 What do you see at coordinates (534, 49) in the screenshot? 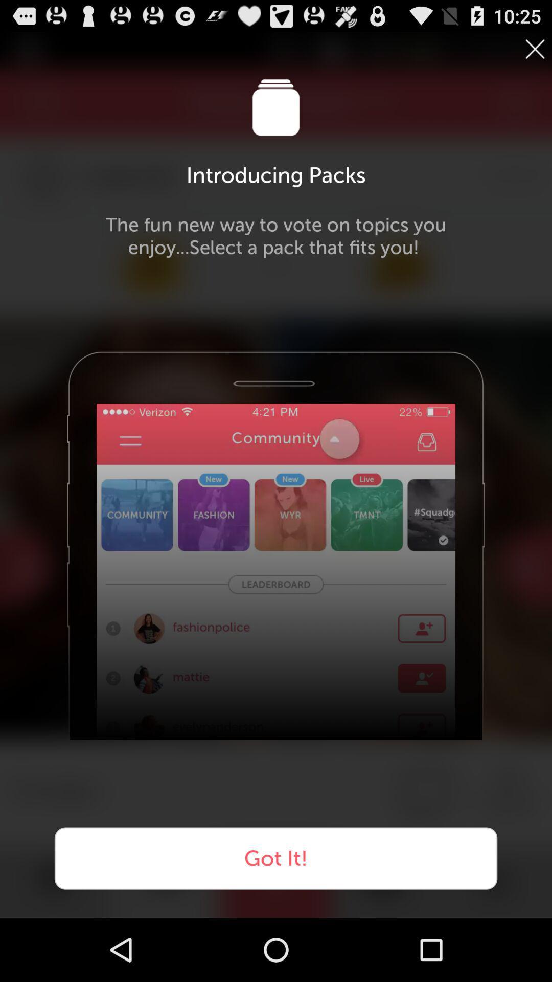
I see `advertisement for packs` at bounding box center [534, 49].